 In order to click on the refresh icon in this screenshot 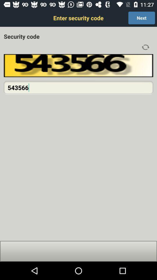, I will do `click(145, 47)`.